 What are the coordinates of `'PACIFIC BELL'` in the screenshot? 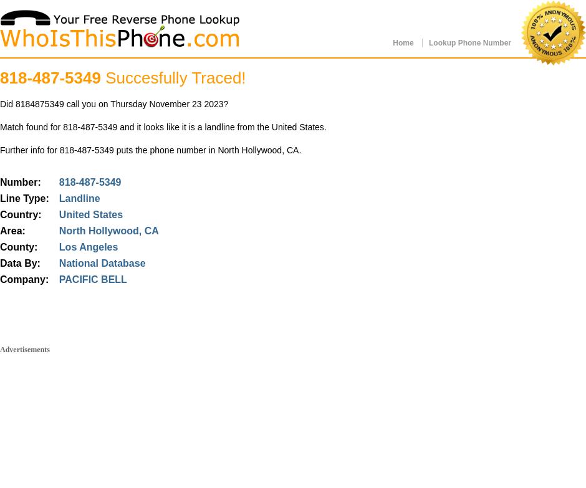 It's located at (92, 279).